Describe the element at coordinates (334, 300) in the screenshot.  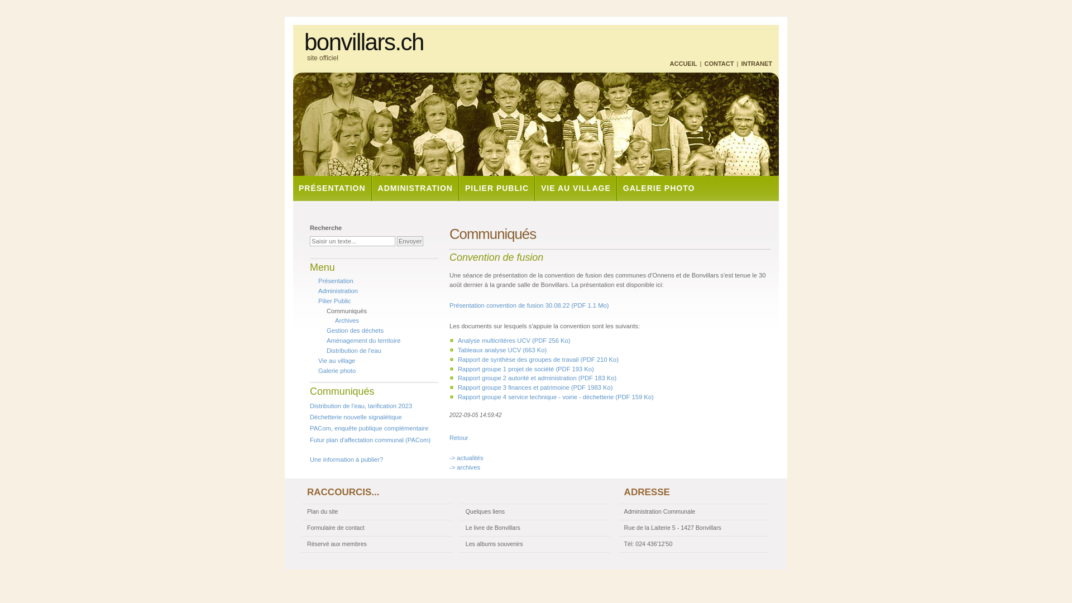
I see `'Pilier Public'` at that location.